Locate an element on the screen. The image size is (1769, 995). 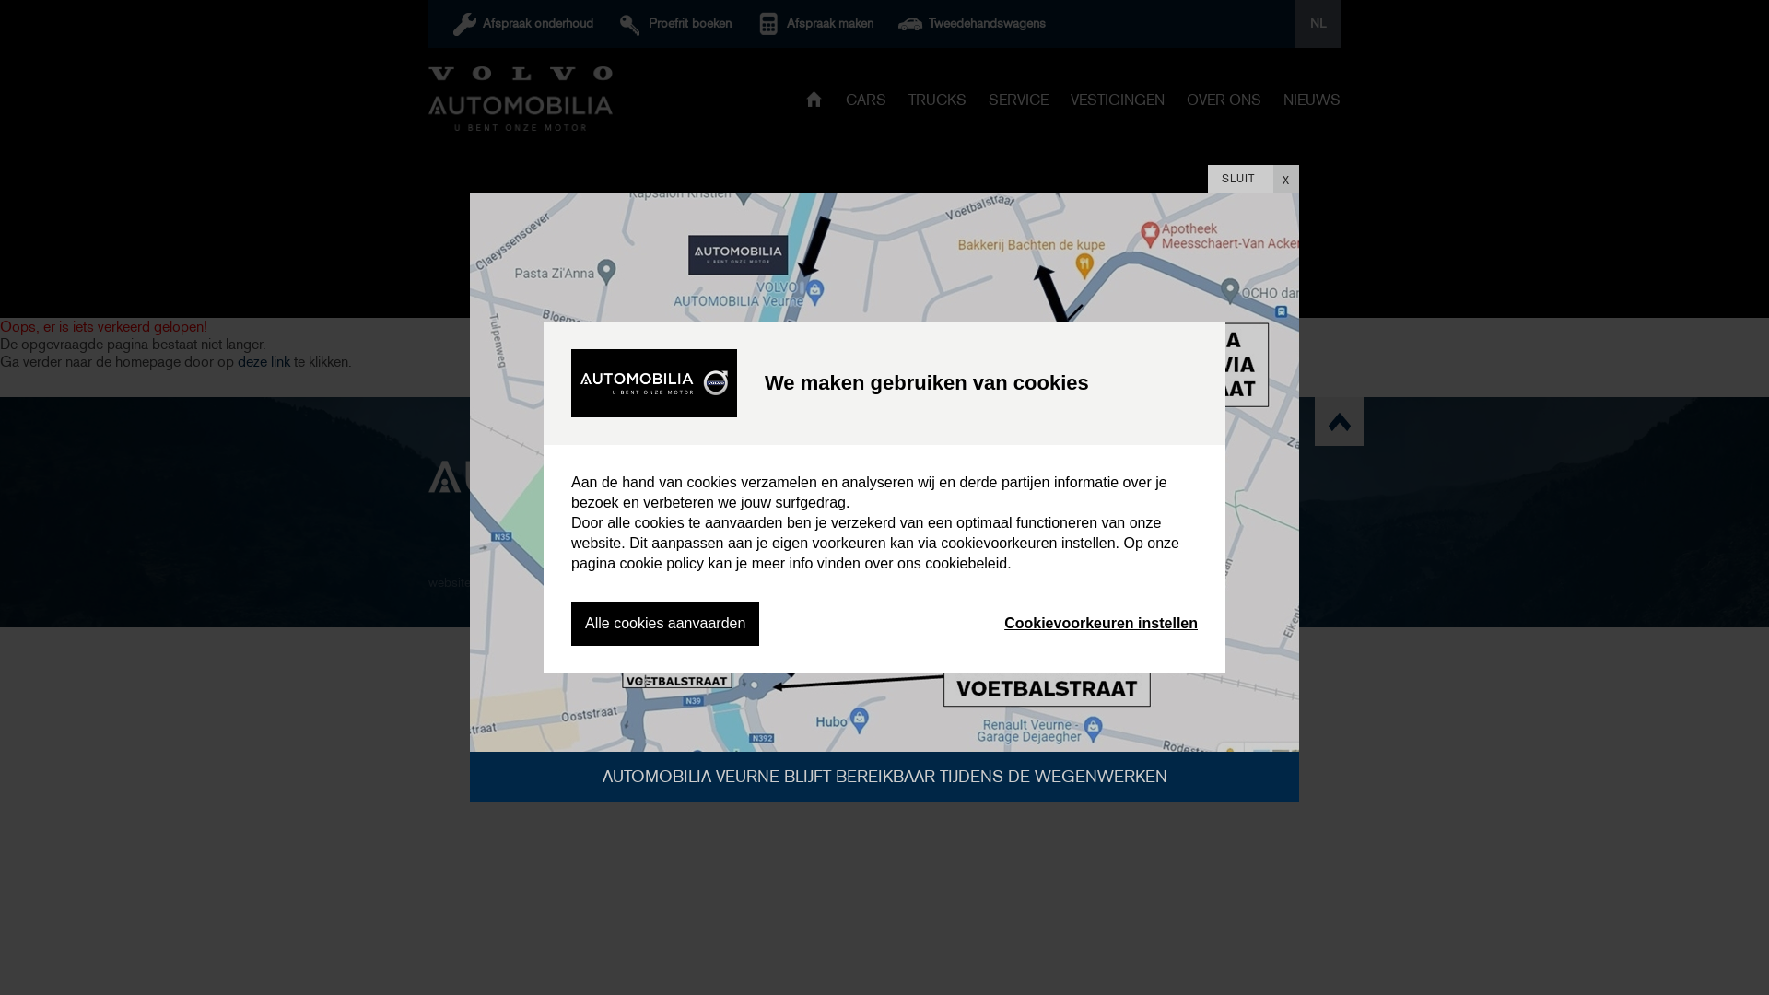
'Afspraak maken' is located at coordinates (822, 24).